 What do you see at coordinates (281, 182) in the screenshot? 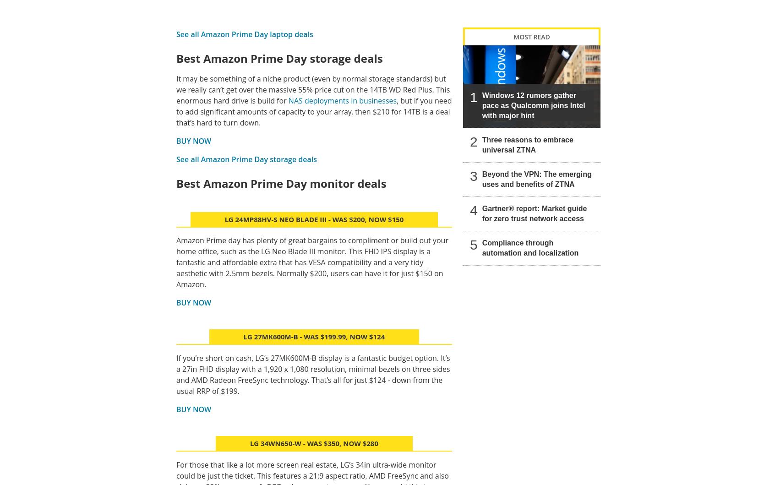
I see `'Best Amazon Prime Day monitor deals'` at bounding box center [281, 182].